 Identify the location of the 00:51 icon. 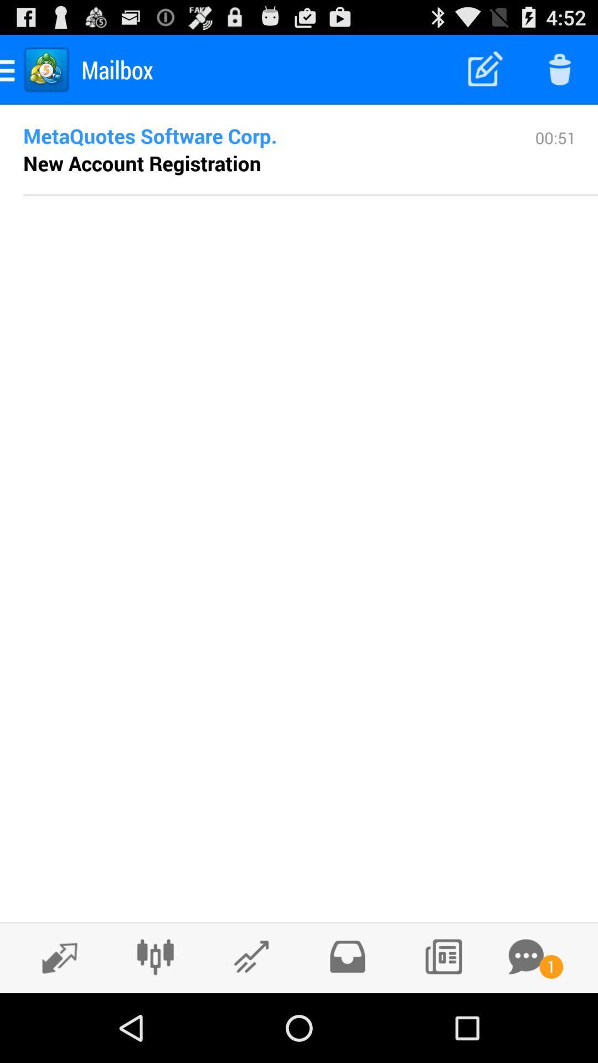
(555, 159).